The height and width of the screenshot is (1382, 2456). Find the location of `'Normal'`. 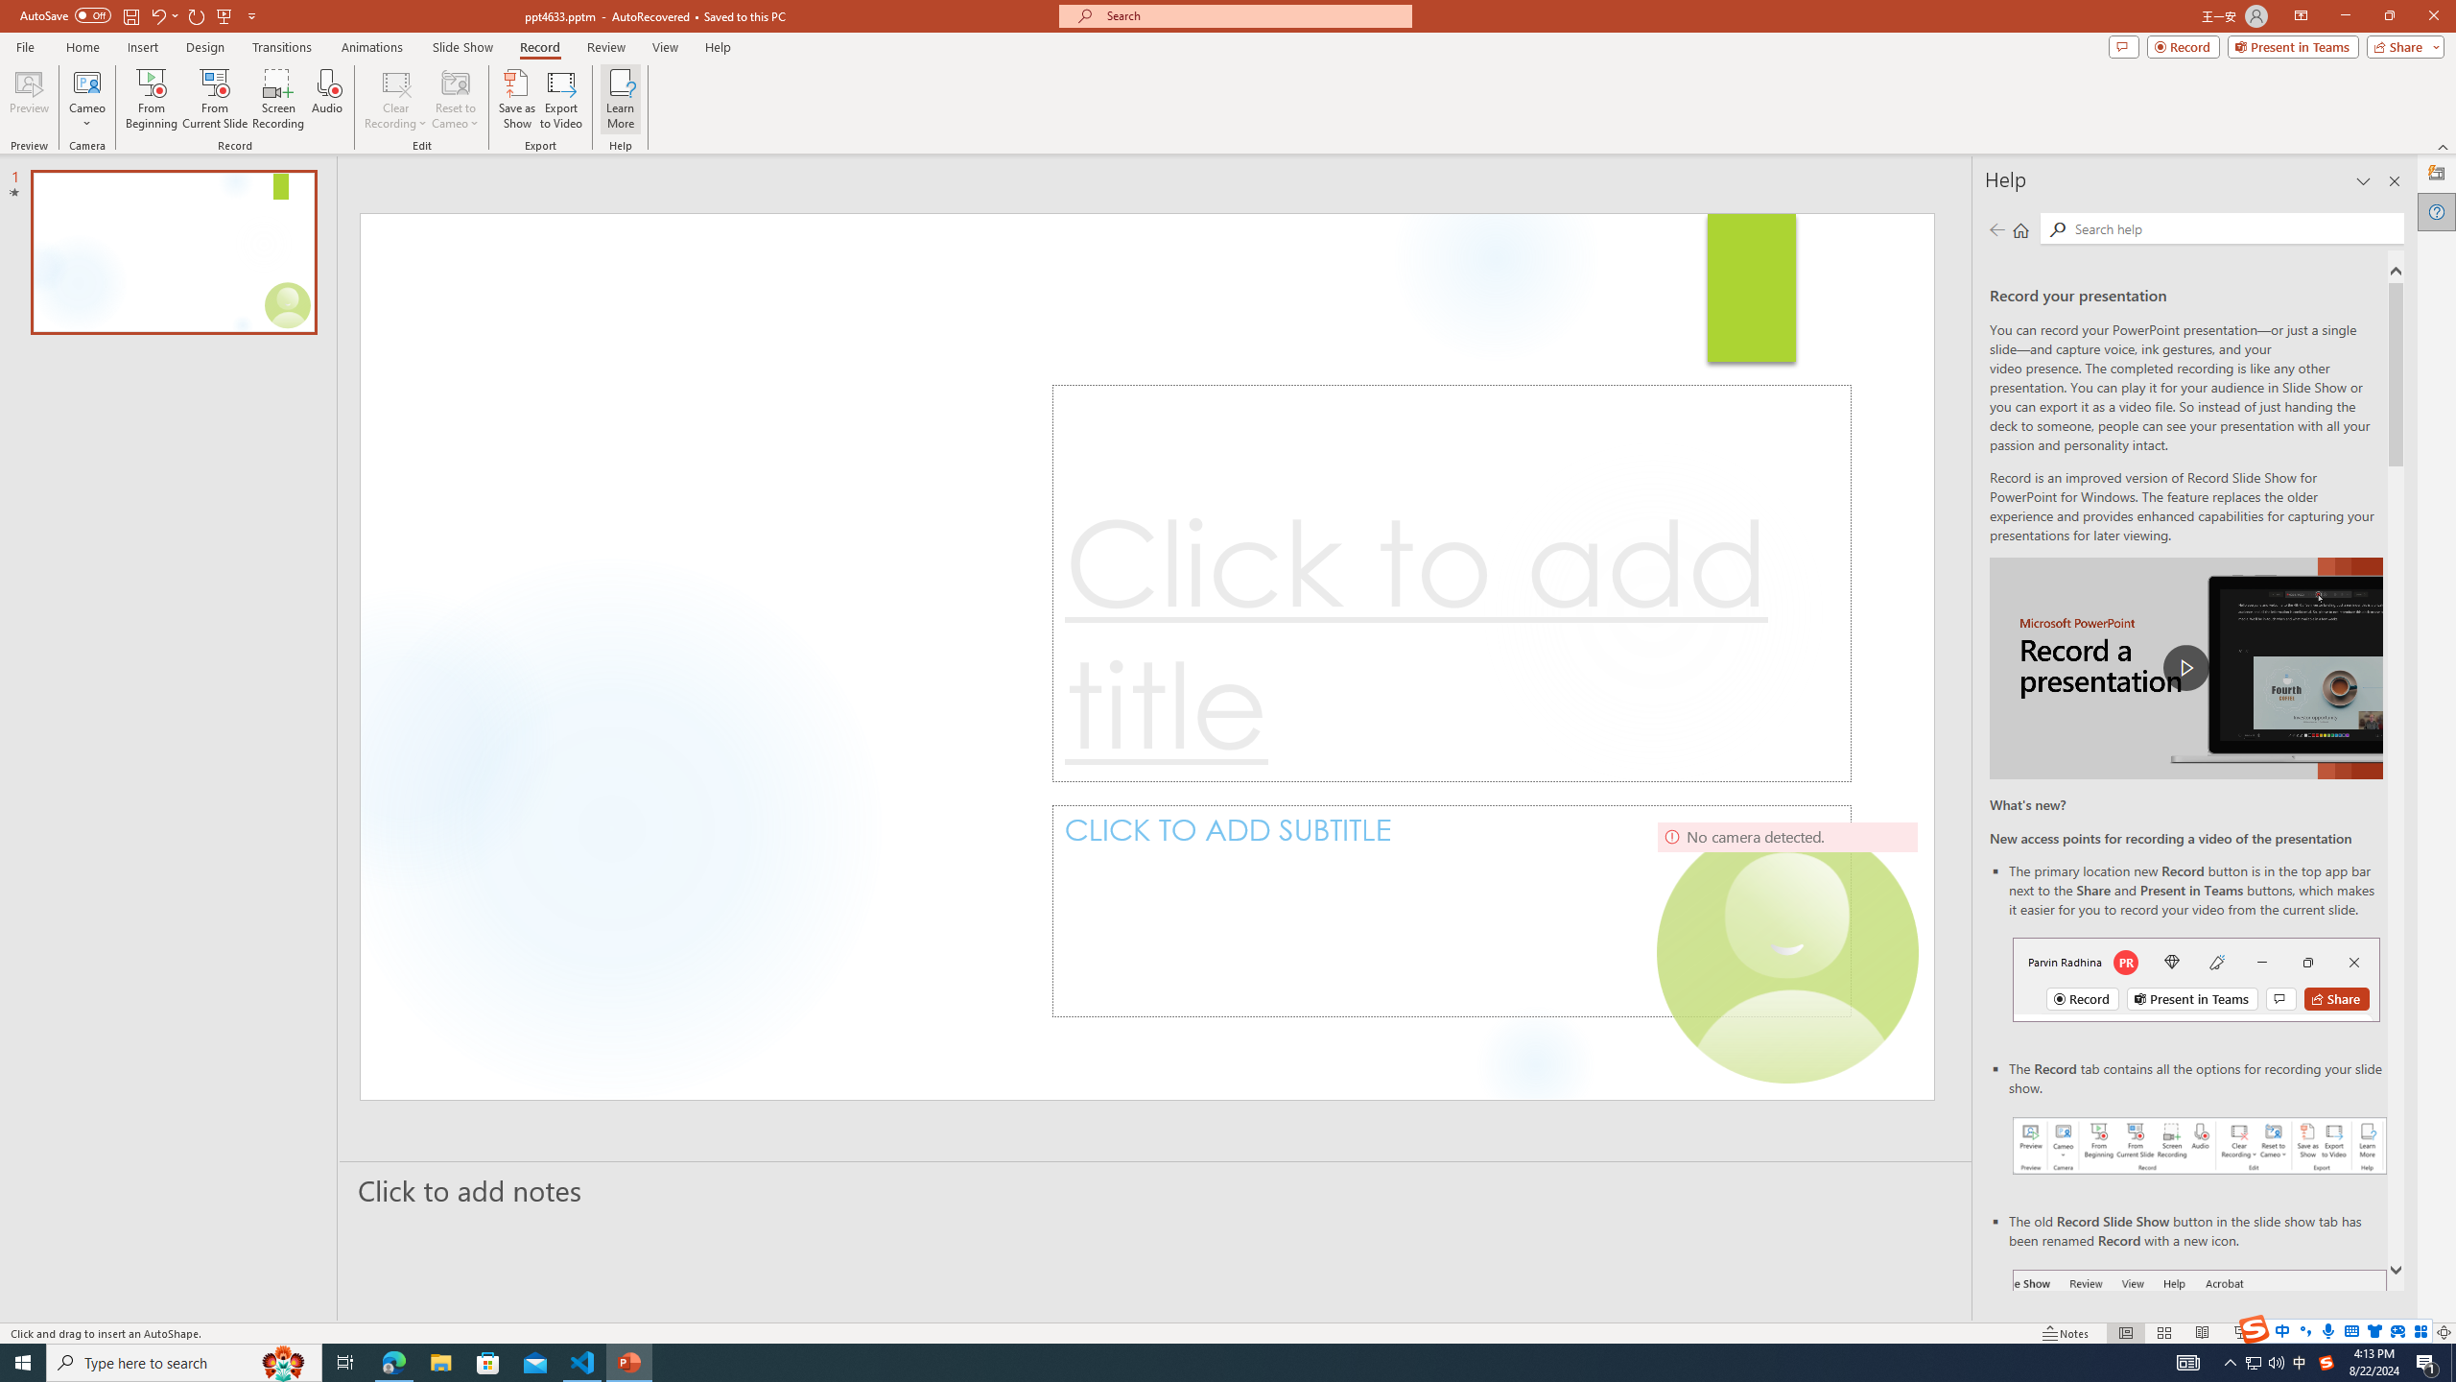

'Normal' is located at coordinates (2124, 1333).